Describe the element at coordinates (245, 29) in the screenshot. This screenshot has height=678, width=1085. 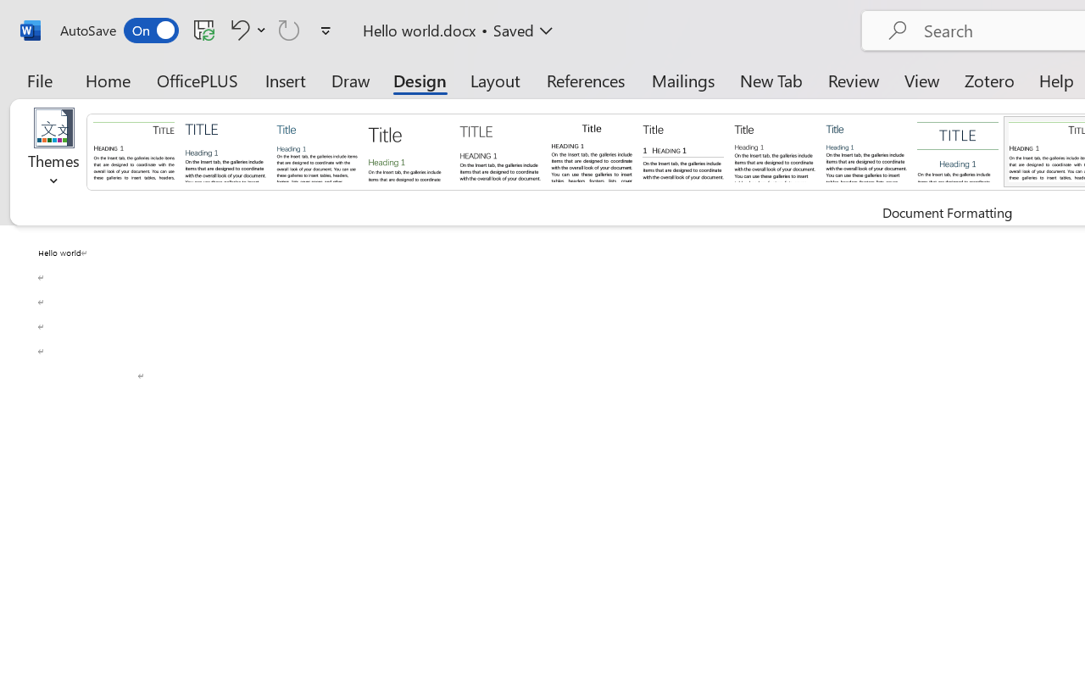
I see `'Undo Apply Quick Style Set'` at that location.